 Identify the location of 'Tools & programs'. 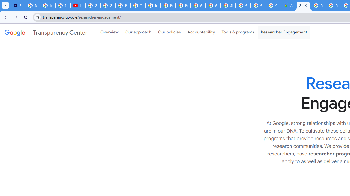
(238, 32).